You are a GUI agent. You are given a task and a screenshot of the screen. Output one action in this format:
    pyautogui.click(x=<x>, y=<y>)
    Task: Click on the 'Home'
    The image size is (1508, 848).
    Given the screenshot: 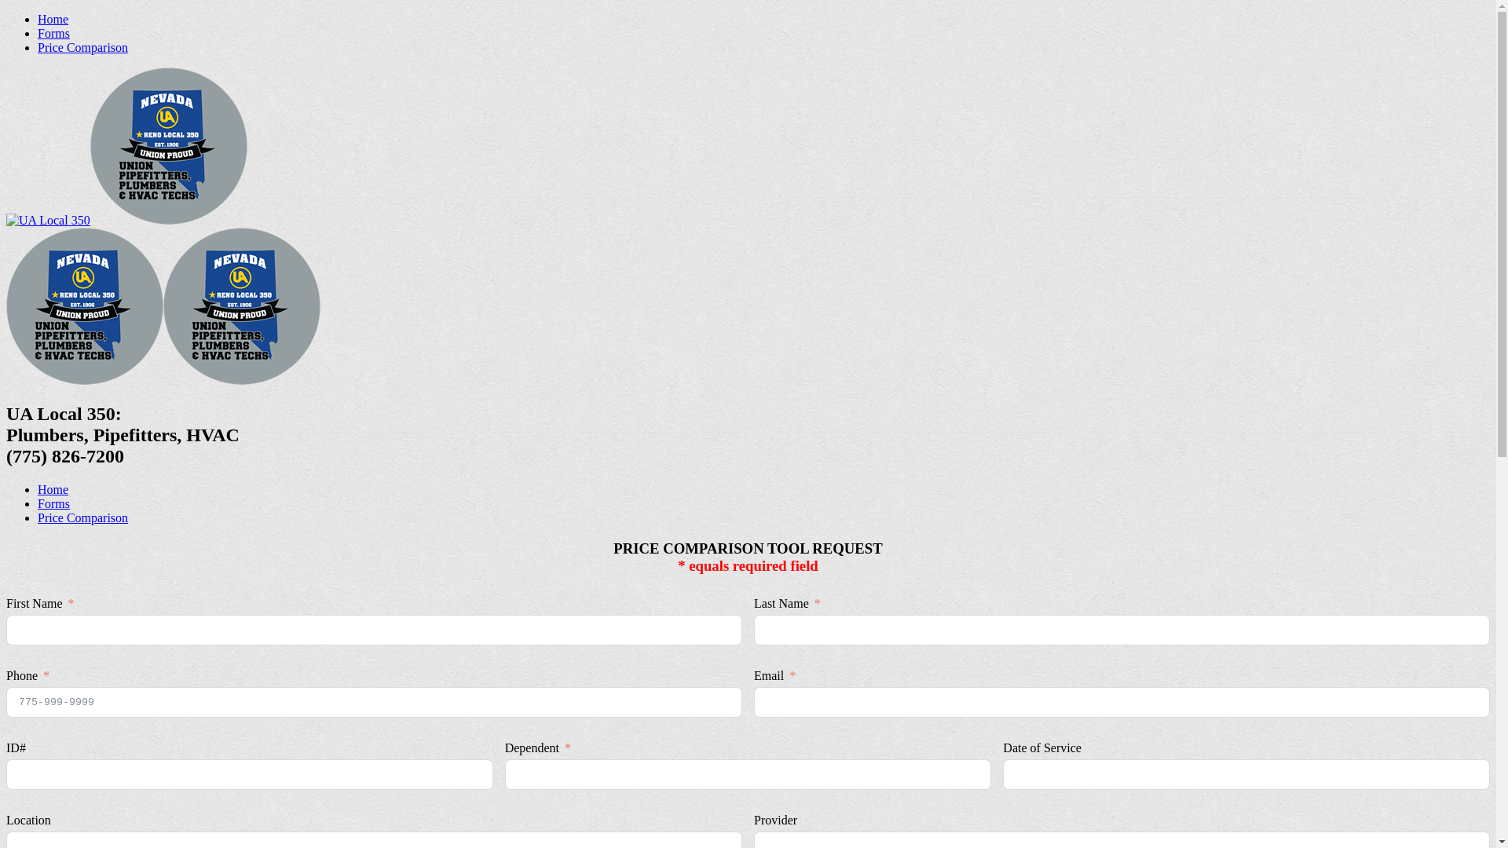 What is the action you would take?
    pyautogui.click(x=53, y=19)
    